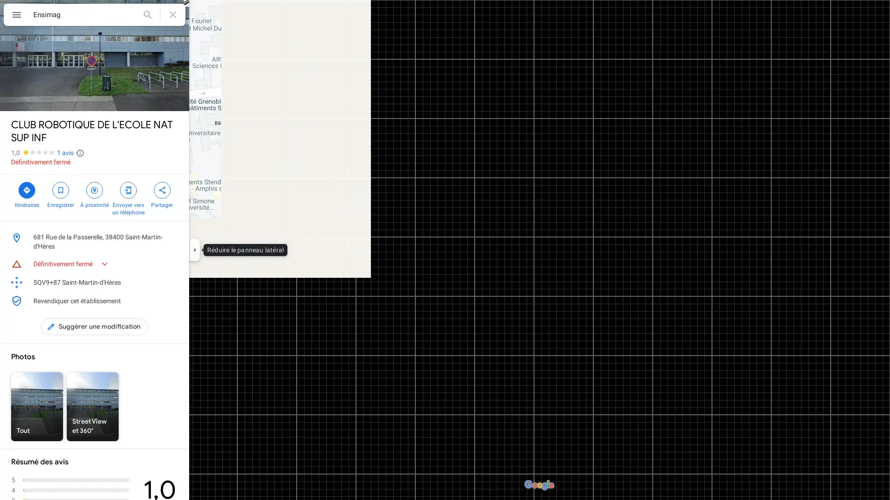 Image resolution: width=890 pixels, height=500 pixels. What do you see at coordinates (194, 250) in the screenshot?
I see `Reduire le panneau lateral` at bounding box center [194, 250].